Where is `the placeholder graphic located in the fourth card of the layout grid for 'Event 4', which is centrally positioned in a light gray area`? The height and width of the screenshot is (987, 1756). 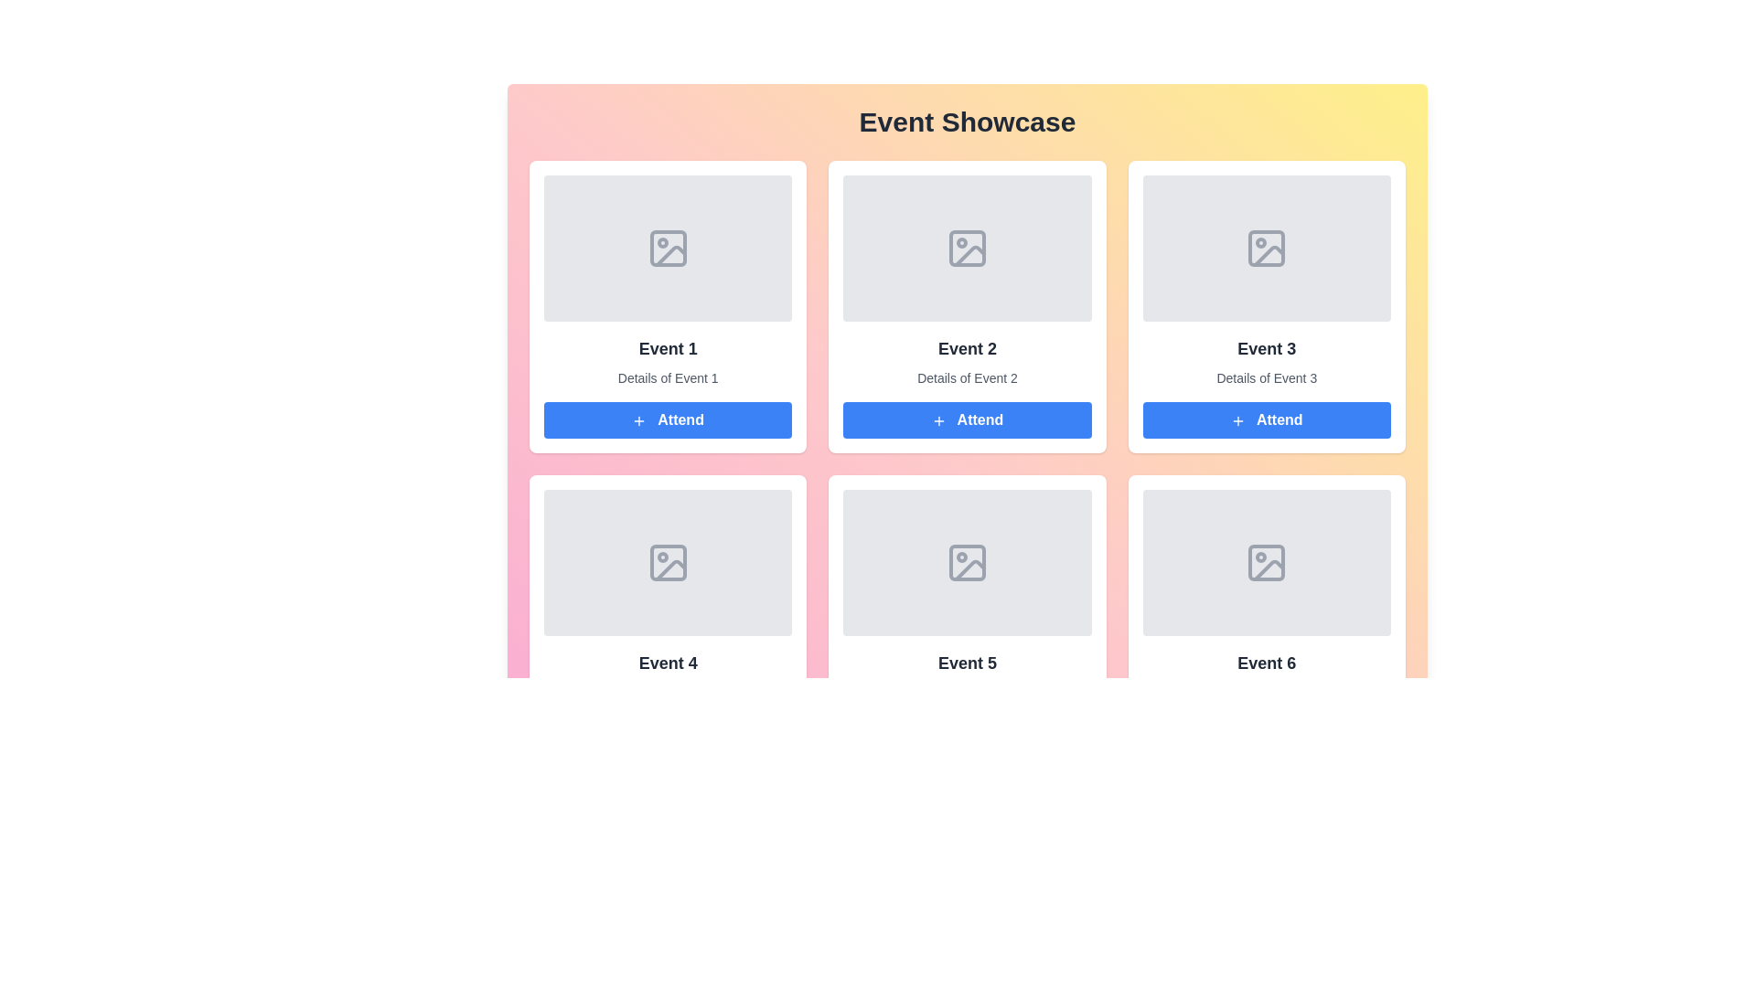
the placeholder graphic located in the fourth card of the layout grid for 'Event 4', which is centrally positioned in a light gray area is located at coordinates (667, 562).